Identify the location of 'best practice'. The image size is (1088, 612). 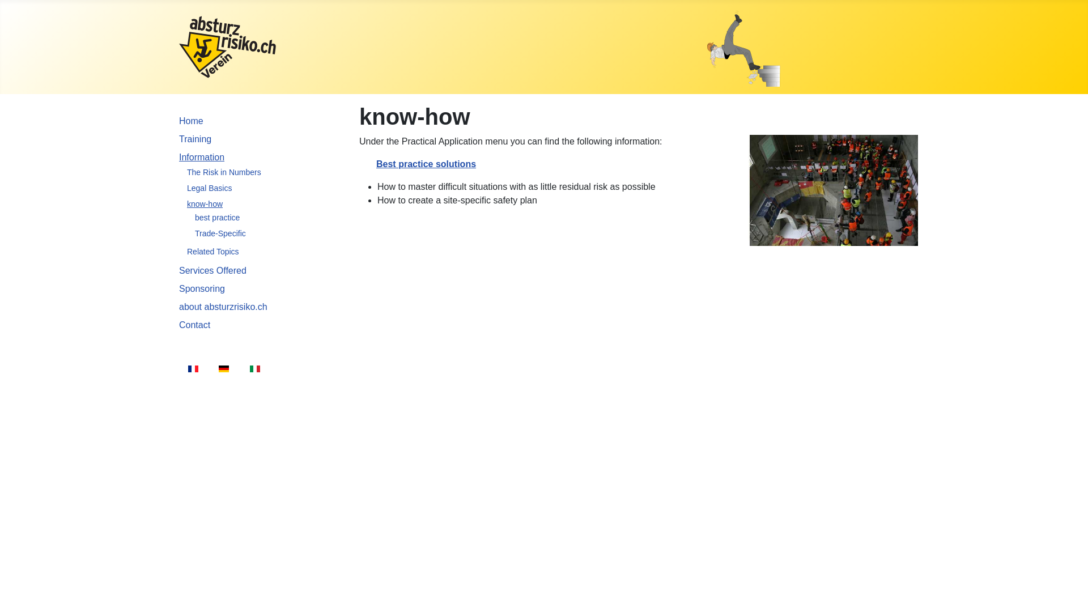
(217, 218).